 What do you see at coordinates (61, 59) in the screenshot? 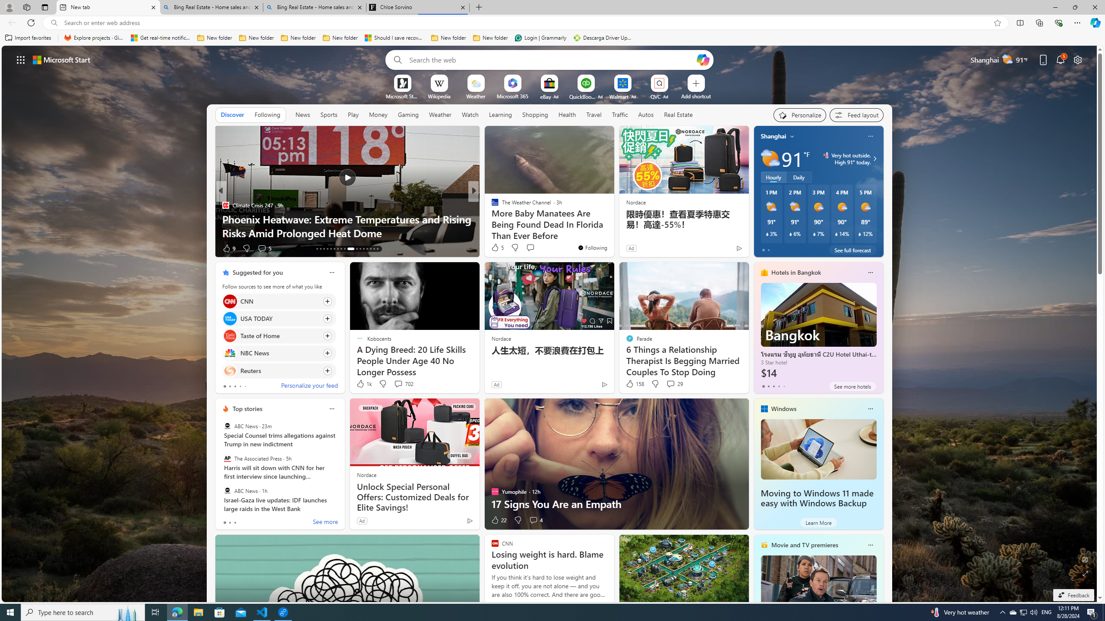
I see `'Microsoft start'` at bounding box center [61, 59].